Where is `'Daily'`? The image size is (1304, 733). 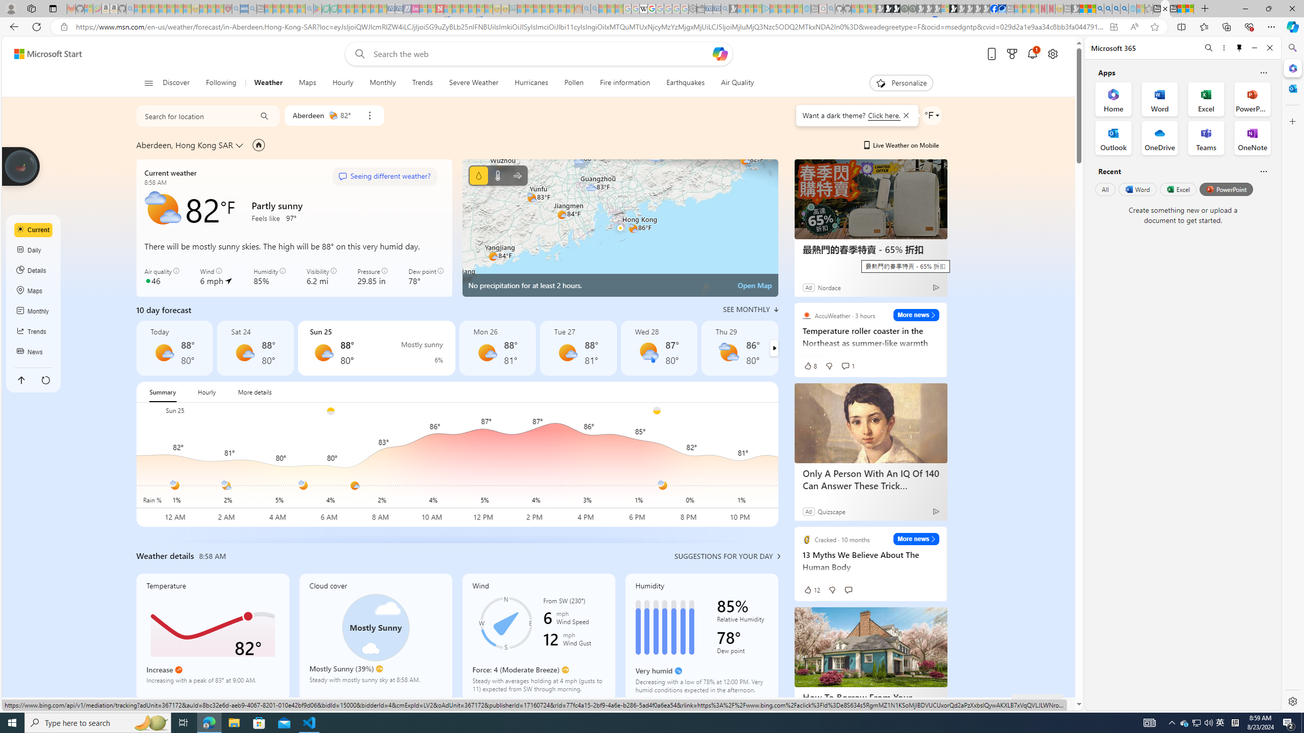 'Daily' is located at coordinates (33, 249).